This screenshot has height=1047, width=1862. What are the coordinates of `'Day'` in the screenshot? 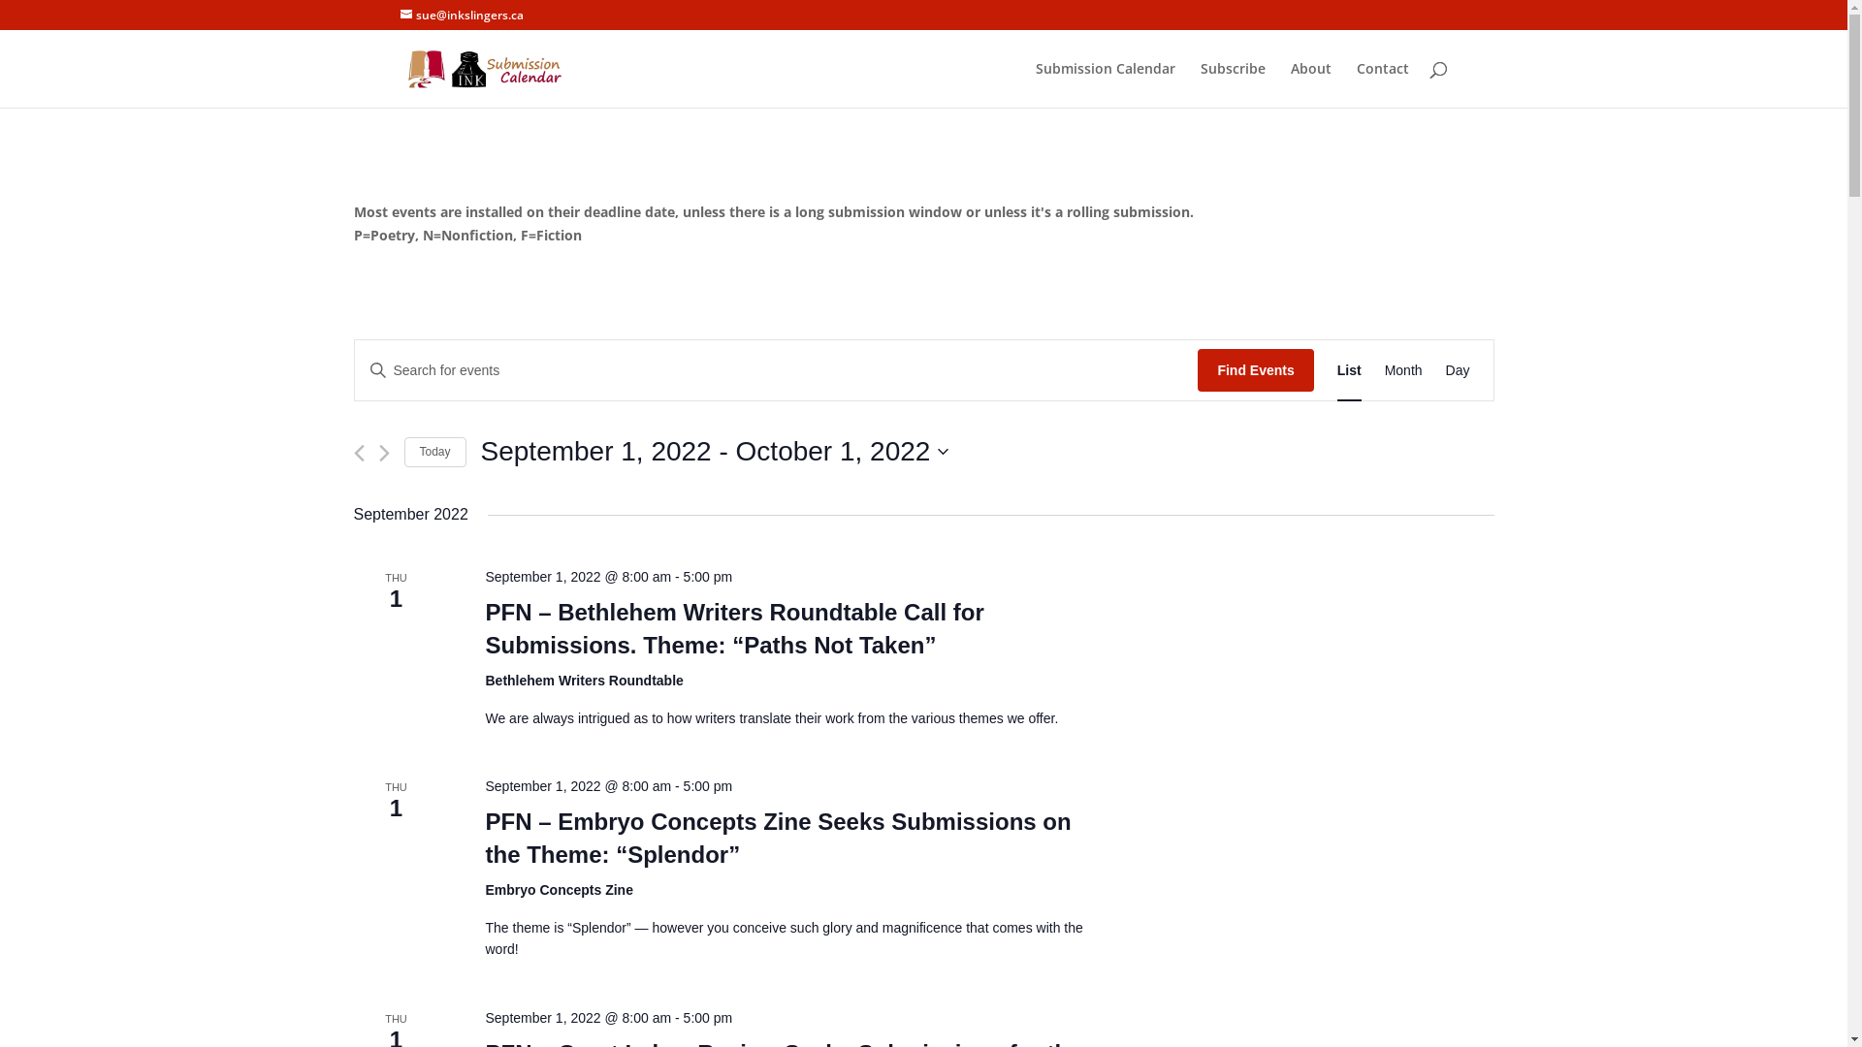 It's located at (1458, 370).